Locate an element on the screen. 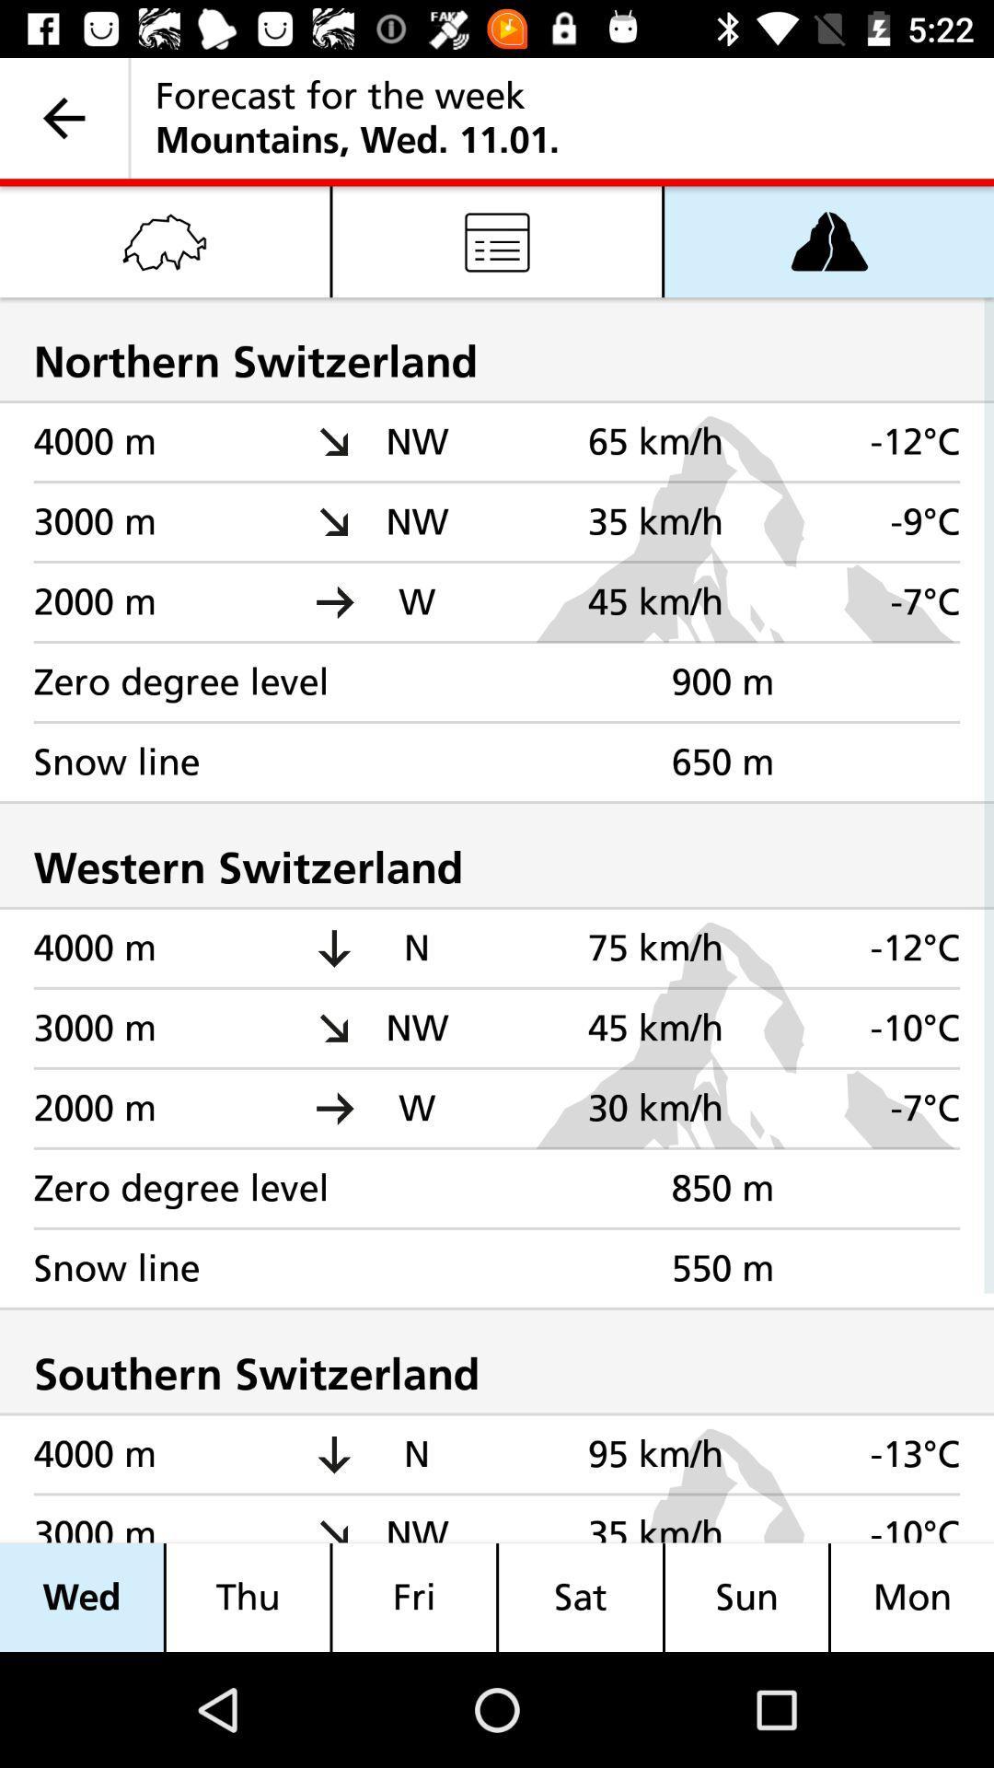 The image size is (994, 1768). the item to the left of sat icon is located at coordinates (414, 1597).